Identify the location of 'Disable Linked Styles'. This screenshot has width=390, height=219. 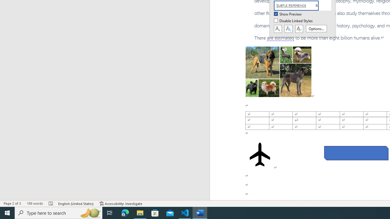
(294, 21).